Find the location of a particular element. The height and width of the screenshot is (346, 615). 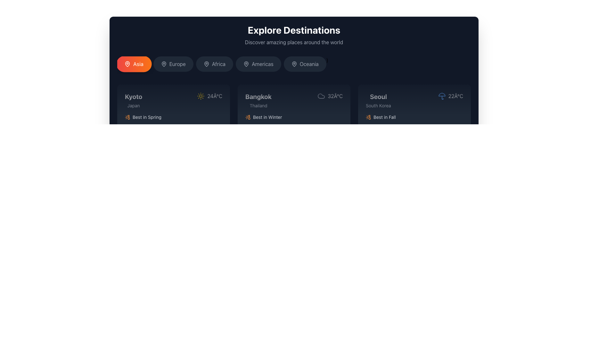

the Information Card displaying details about Bangkok, which is the second card in a row of similar cards, positioned between the 'Kyoto' card on the left and the 'Seoul' card on the right is located at coordinates (293, 120).